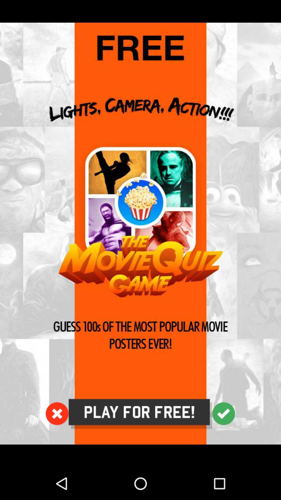 This screenshot has width=281, height=500. Describe the element at coordinates (140, 233) in the screenshot. I see `icon at the center` at that location.